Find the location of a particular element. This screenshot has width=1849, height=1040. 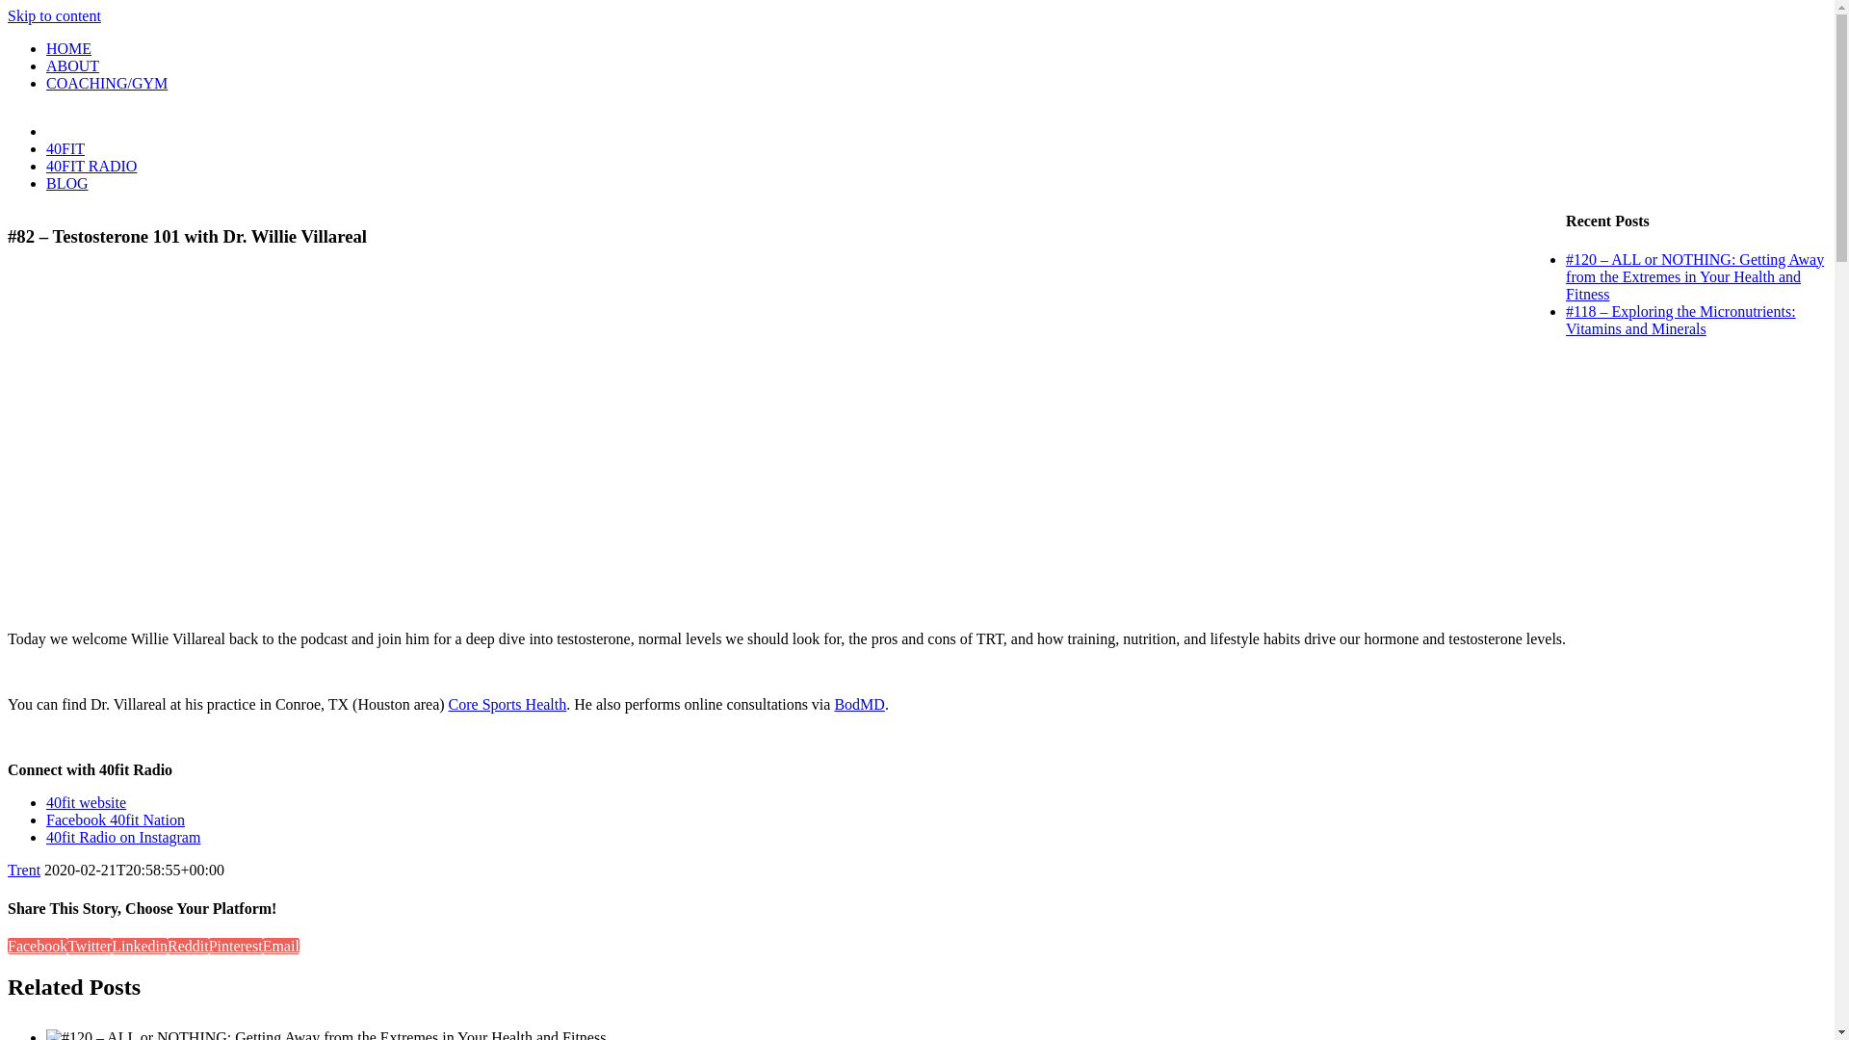

'40FIT' is located at coordinates (65, 147).